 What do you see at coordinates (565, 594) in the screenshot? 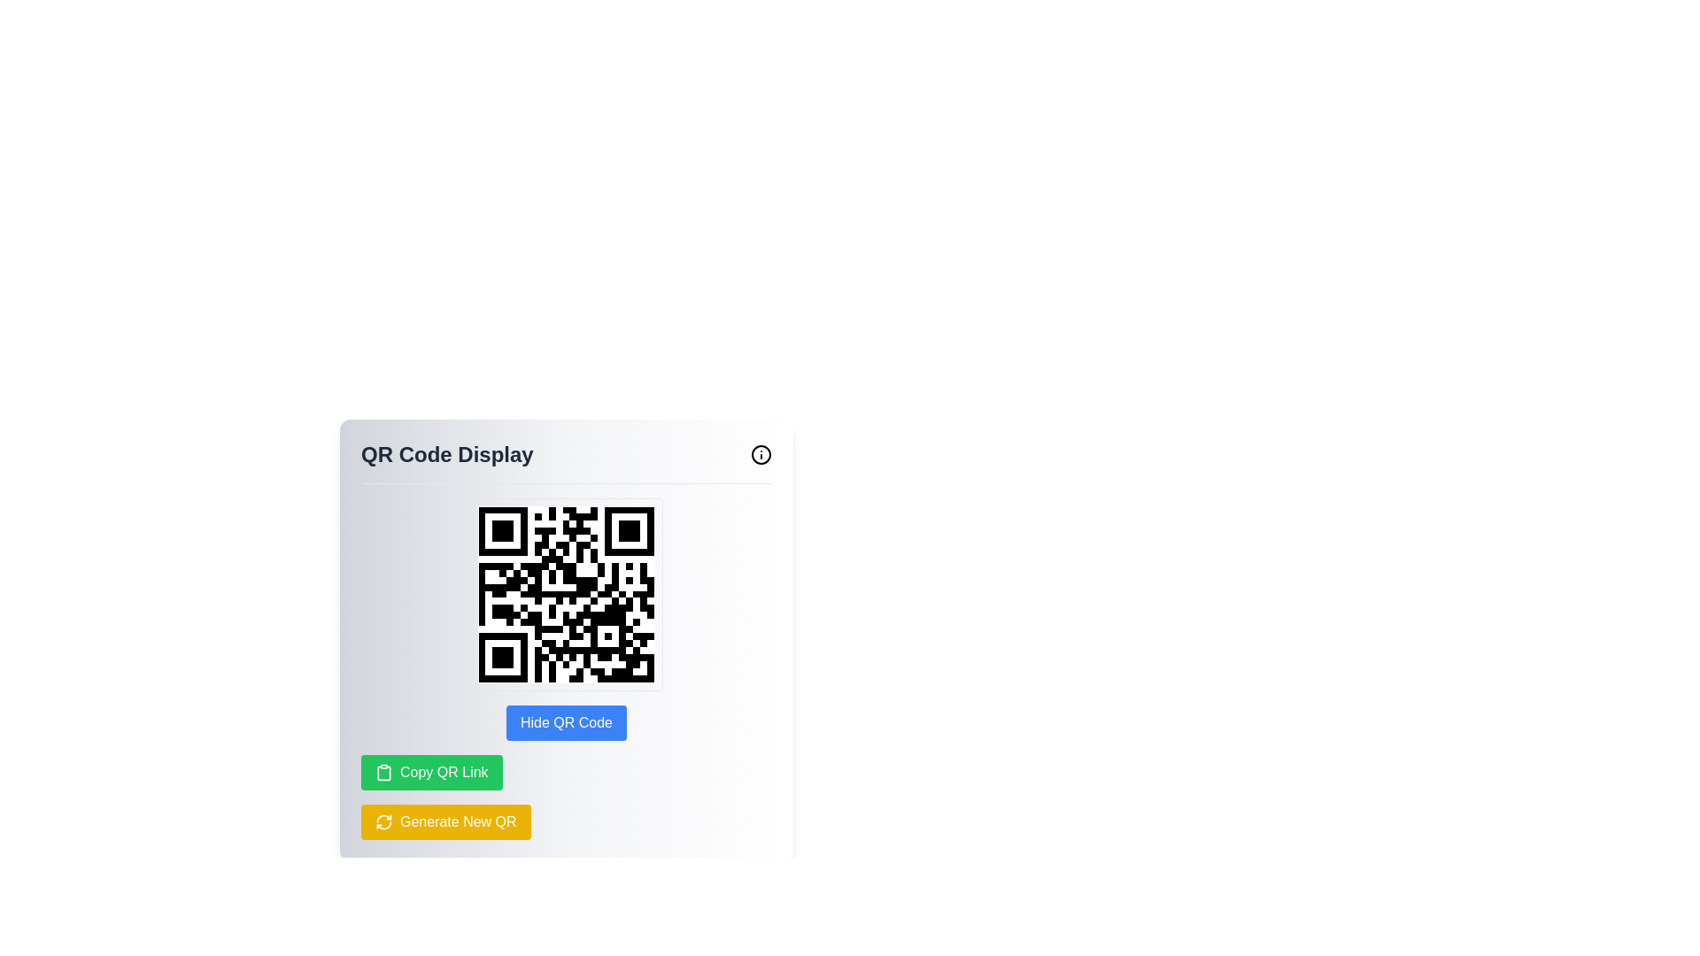
I see `the QR Code display box located in the upper-middle section of the card titled 'QR Code Display'` at bounding box center [565, 594].